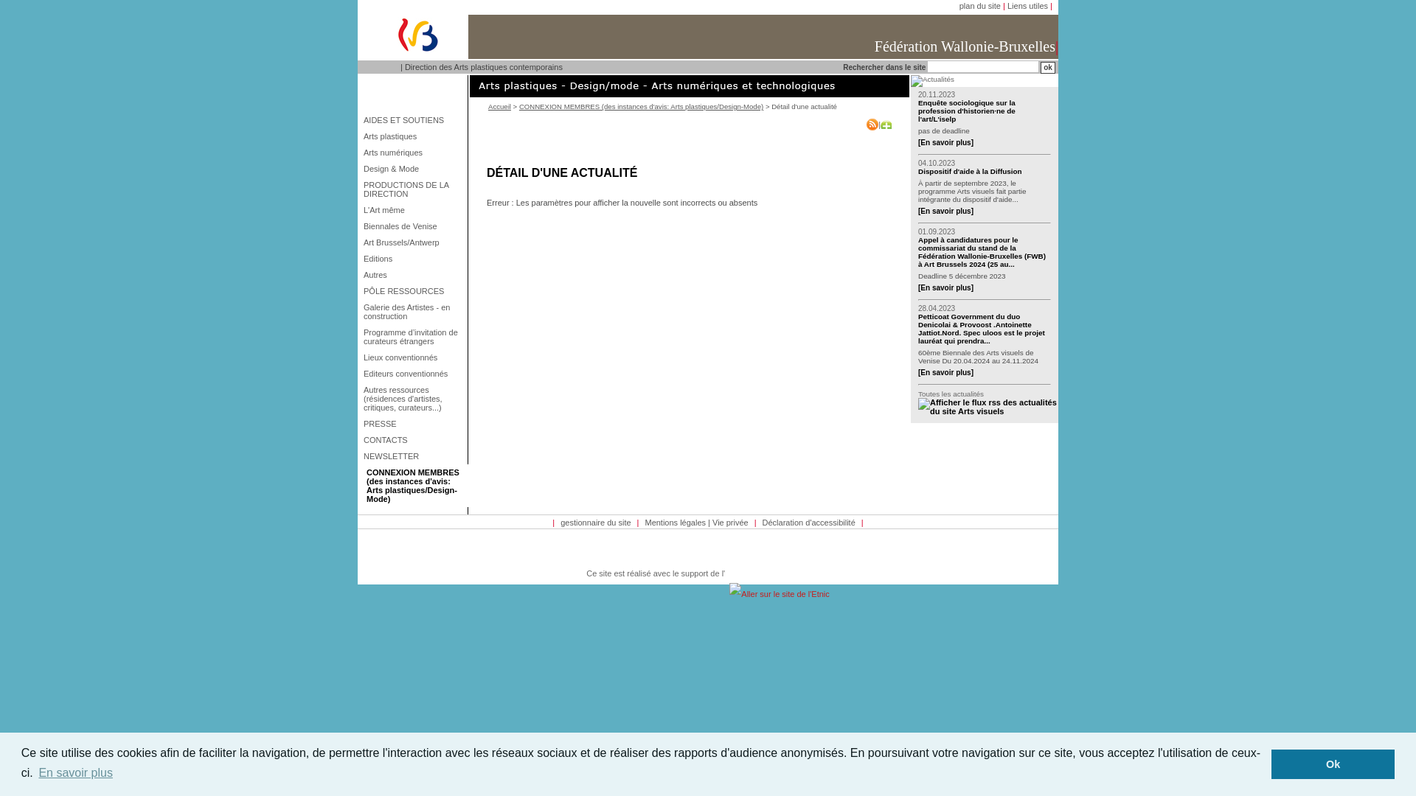 This screenshot has height=796, width=1416. What do you see at coordinates (413, 275) in the screenshot?
I see `'Autres'` at bounding box center [413, 275].